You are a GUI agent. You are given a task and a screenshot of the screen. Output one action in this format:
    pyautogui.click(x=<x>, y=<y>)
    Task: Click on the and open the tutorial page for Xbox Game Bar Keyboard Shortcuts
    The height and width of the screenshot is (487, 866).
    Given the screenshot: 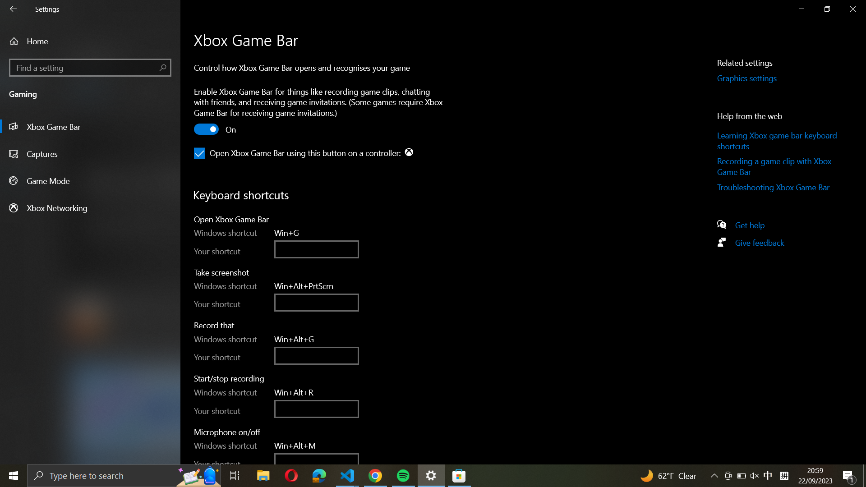 What is the action you would take?
    pyautogui.click(x=778, y=141)
    